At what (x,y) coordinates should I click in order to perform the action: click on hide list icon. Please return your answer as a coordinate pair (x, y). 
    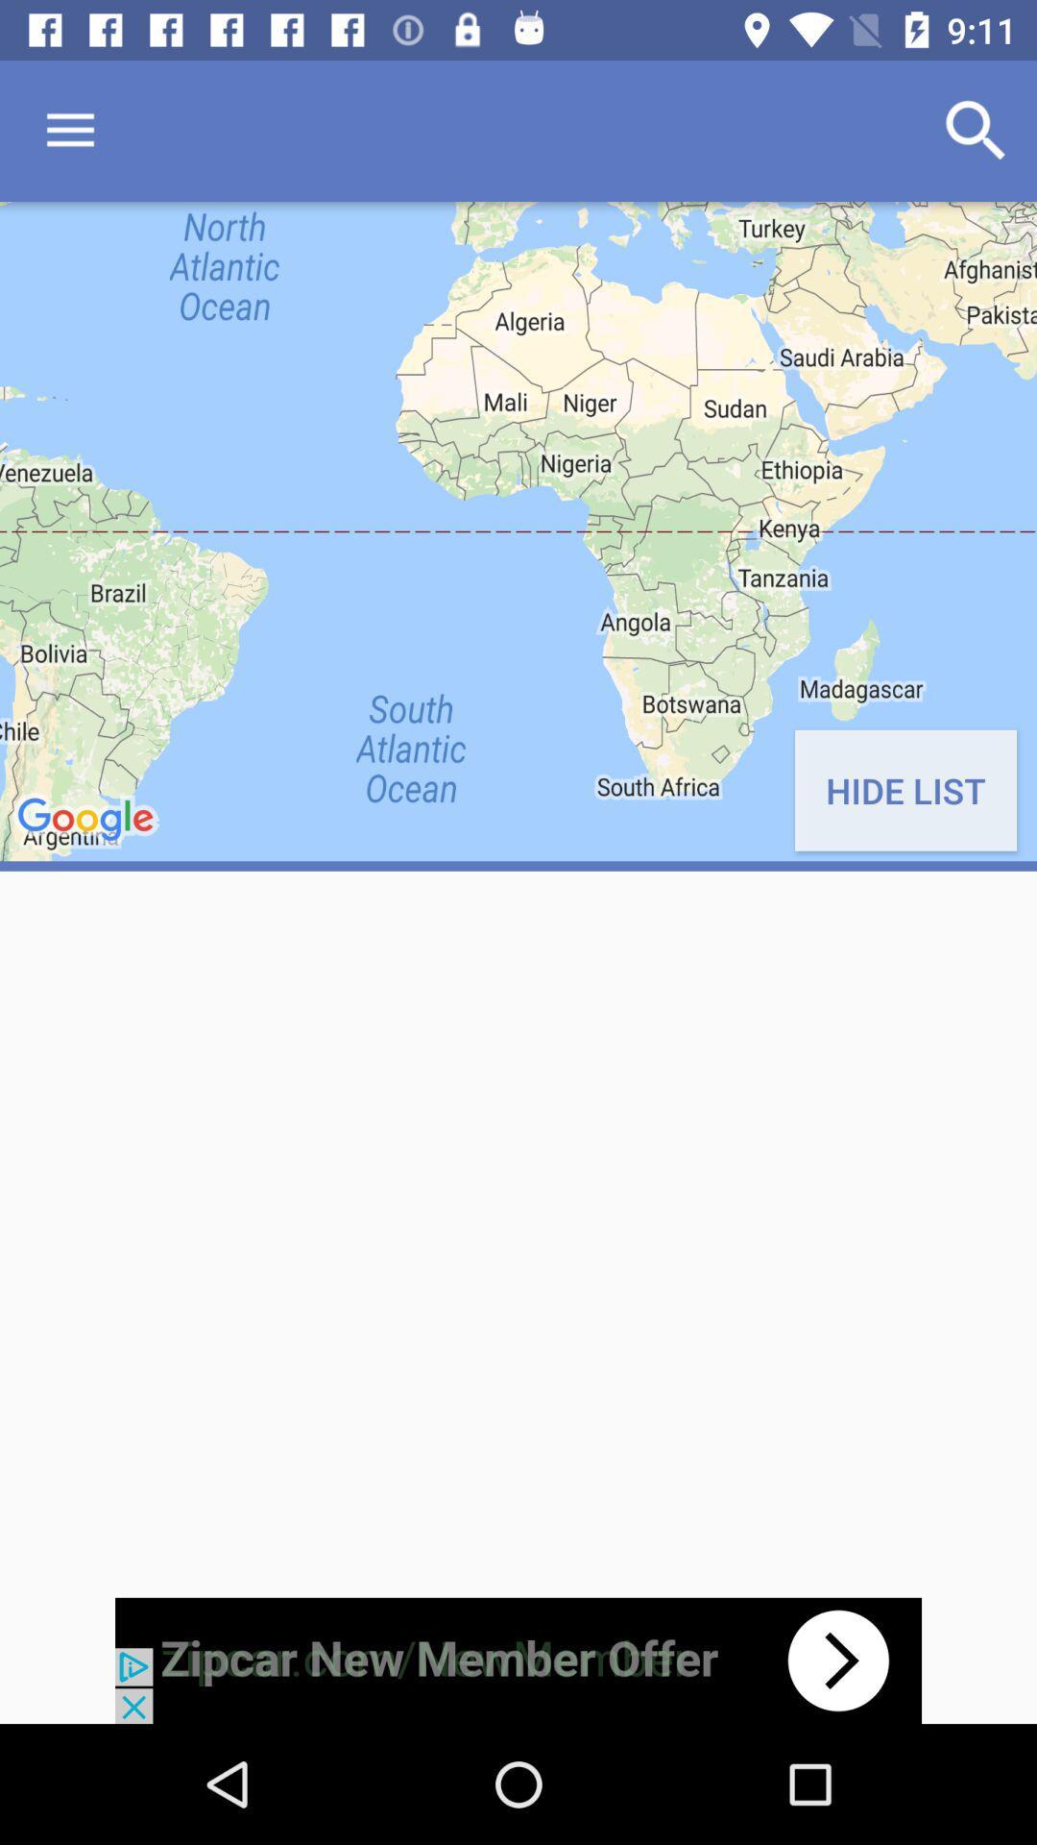
    Looking at the image, I should click on (905, 790).